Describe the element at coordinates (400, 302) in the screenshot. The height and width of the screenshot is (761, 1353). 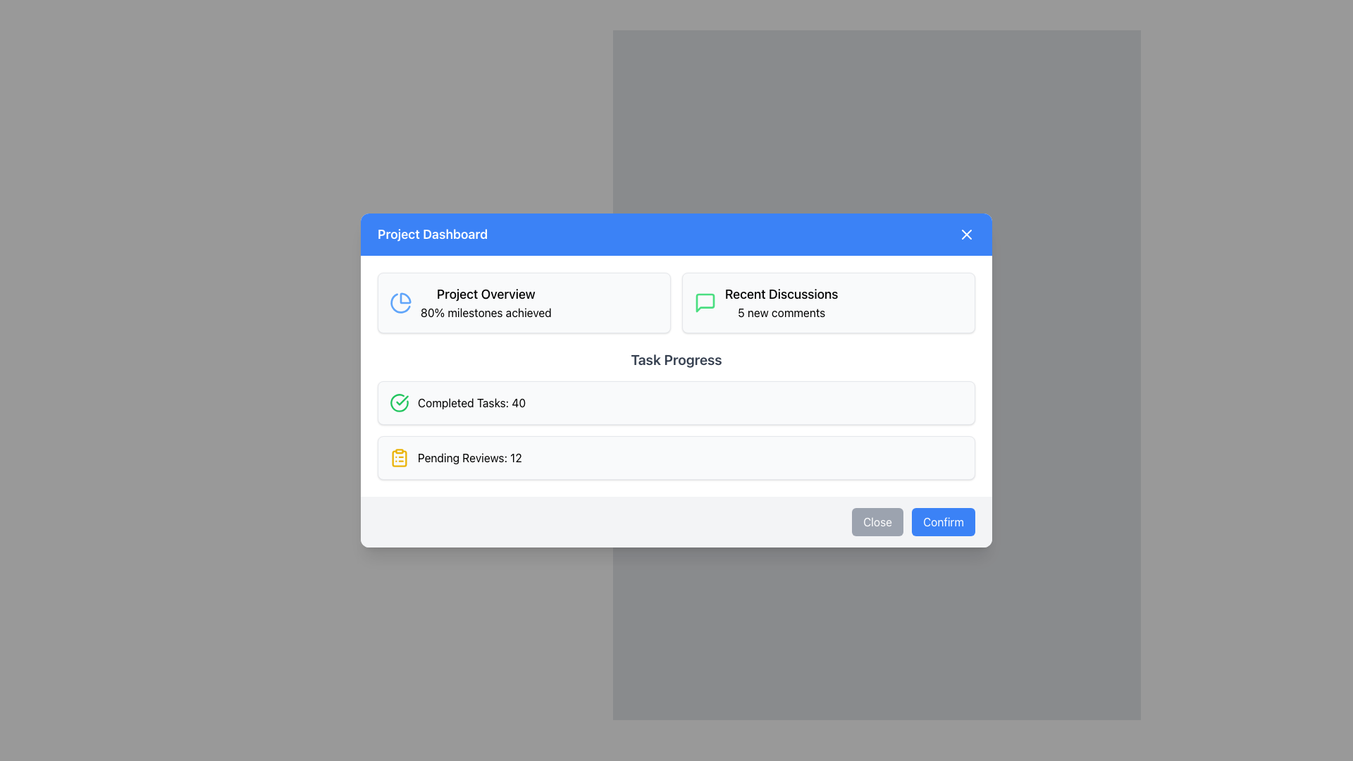
I see `the icon associated with the 'Project Overview' section in the 'Project Dashboard', positioned to the left of the 'Project Overview' text` at that location.